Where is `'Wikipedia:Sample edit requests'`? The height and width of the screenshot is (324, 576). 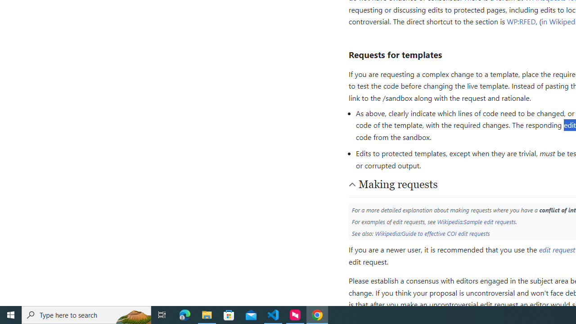
'Wikipedia:Sample edit requests' is located at coordinates (476, 221).